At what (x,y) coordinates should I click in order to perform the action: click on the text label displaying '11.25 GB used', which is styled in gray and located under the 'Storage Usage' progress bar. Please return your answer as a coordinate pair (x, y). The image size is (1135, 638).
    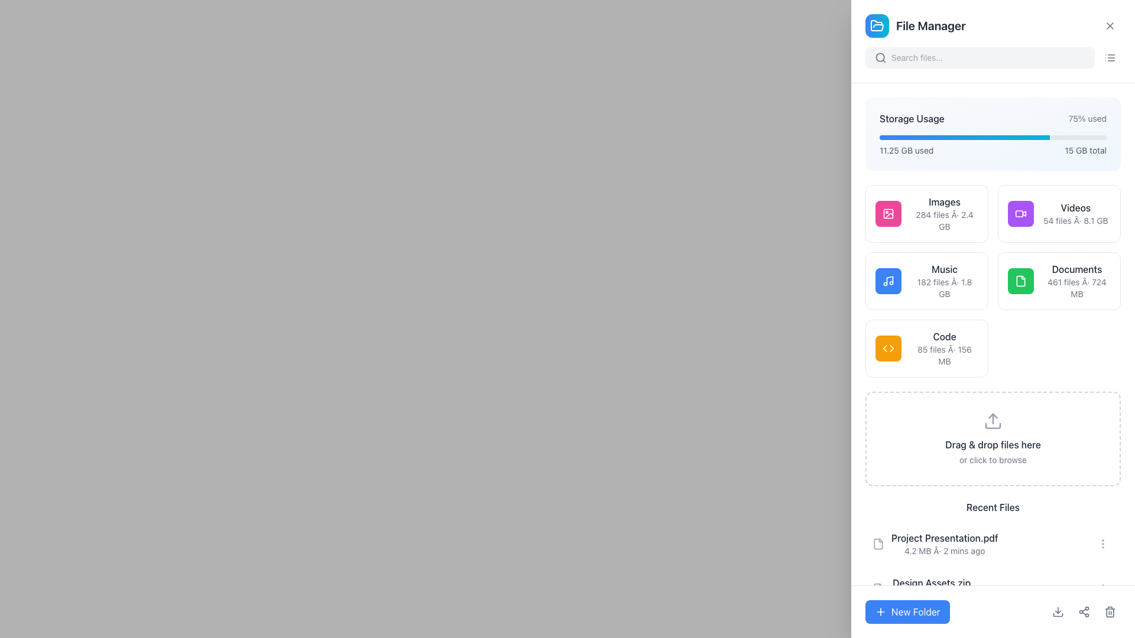
    Looking at the image, I should click on (906, 149).